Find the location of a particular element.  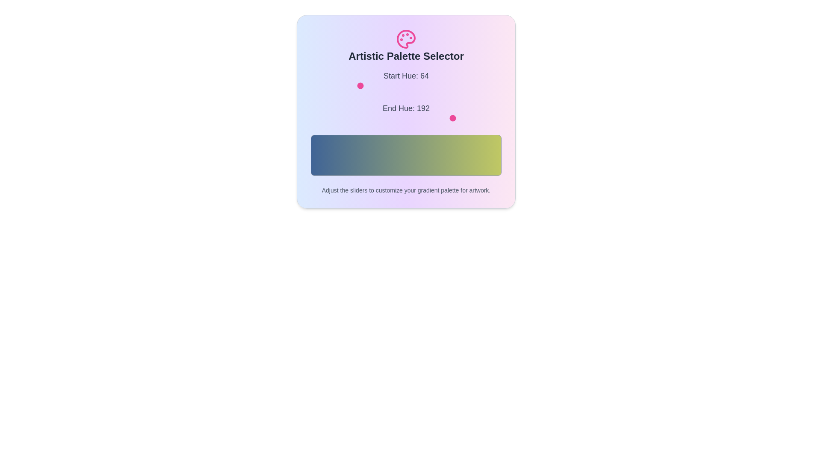

the 'End Hue' slider to 206 is located at coordinates (464, 118).